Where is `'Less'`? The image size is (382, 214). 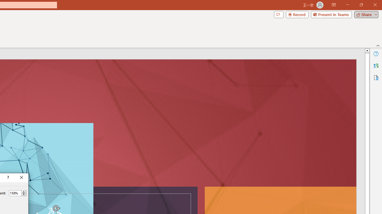
'Less' is located at coordinates (24, 194).